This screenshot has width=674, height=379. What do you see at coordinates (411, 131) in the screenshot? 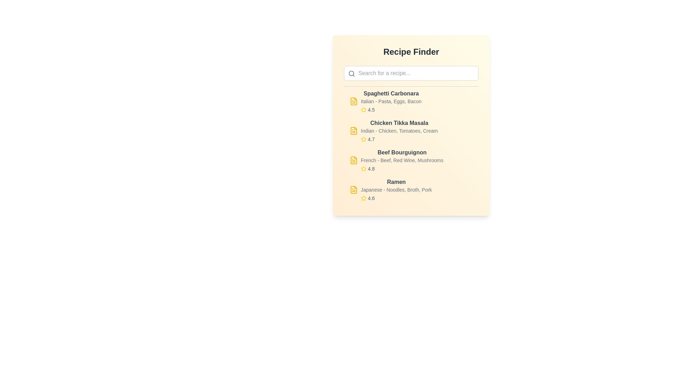
I see `the list item displaying 'Chicken Tikka Masala' for navigation` at bounding box center [411, 131].